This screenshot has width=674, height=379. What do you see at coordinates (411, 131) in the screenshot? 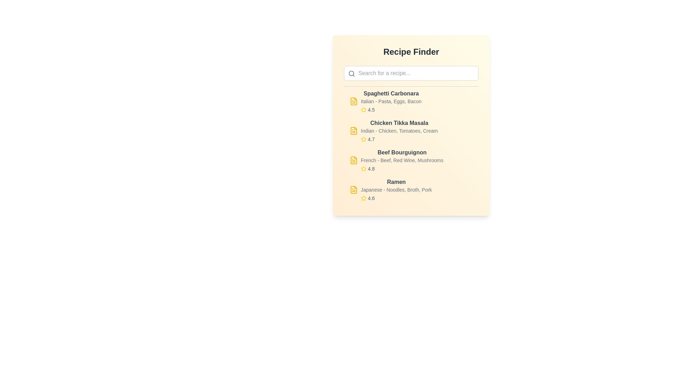
I see `the list item displaying 'Chicken Tikka Masala' for navigation` at bounding box center [411, 131].